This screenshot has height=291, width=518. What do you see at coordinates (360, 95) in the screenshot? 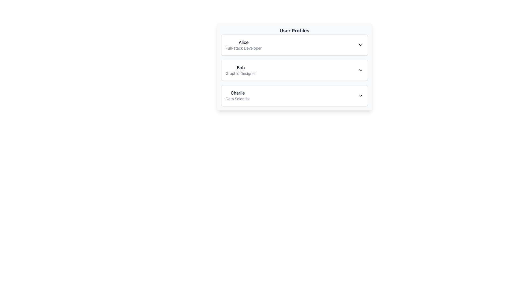
I see `the downward chevron arrow icon in the User Profiles list, specifically in the row labeled 'Charlie - Data Scientist'` at bounding box center [360, 95].